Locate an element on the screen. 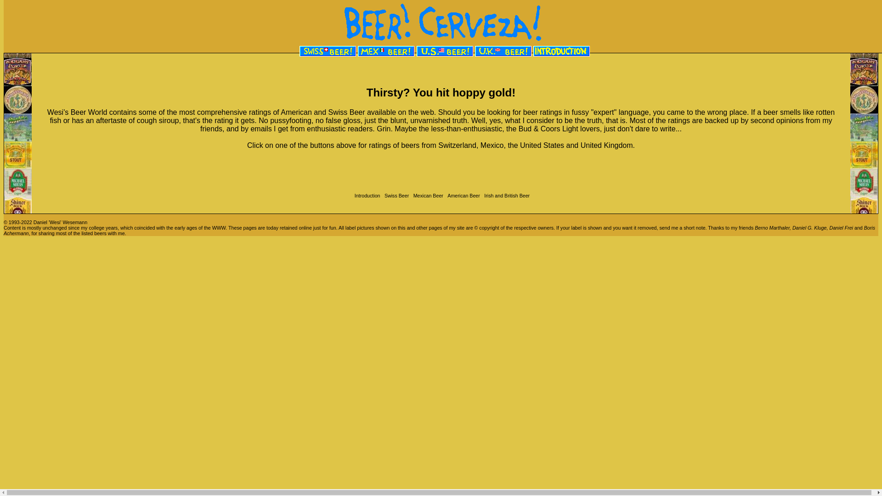 This screenshot has width=882, height=496. 'Swiss Beer' is located at coordinates (395, 195).